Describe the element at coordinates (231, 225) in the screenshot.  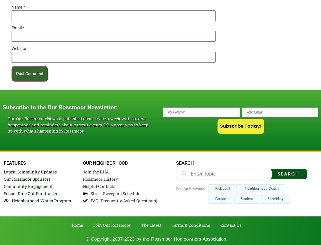
I see `'Contact Us'` at that location.